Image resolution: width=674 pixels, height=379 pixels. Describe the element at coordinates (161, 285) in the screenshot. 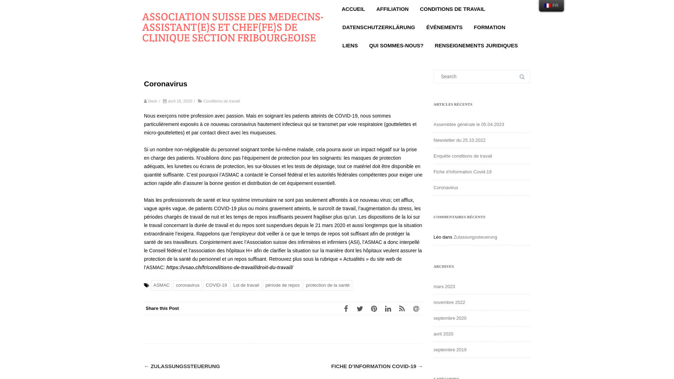

I see `'ASMAC'` at that location.